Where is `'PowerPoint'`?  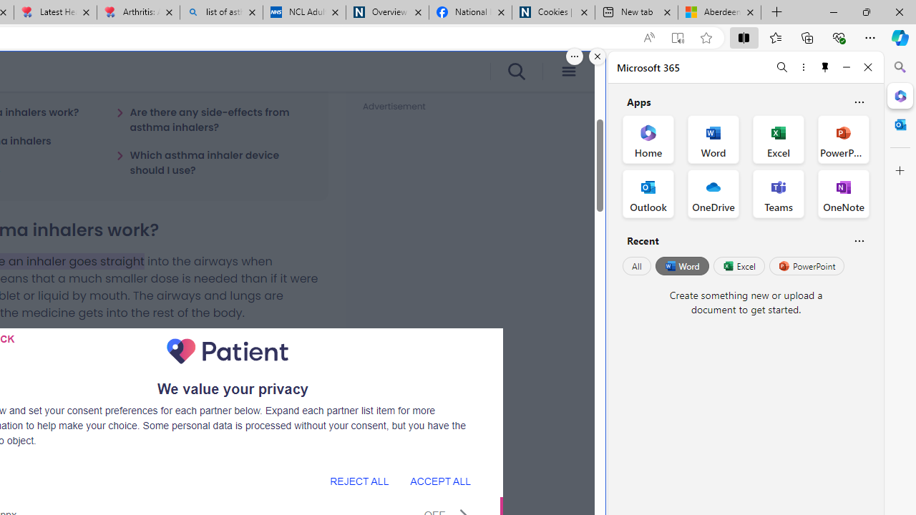
'PowerPoint' is located at coordinates (807, 266).